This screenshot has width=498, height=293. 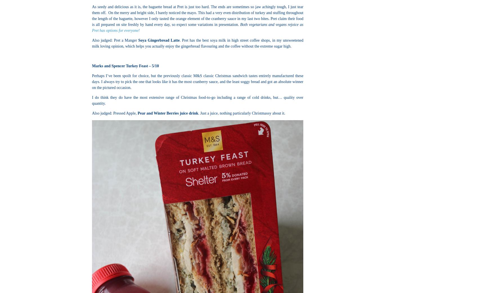 What do you see at coordinates (167, 113) in the screenshot?
I see `'Pear and Winter Berries juice drink'` at bounding box center [167, 113].